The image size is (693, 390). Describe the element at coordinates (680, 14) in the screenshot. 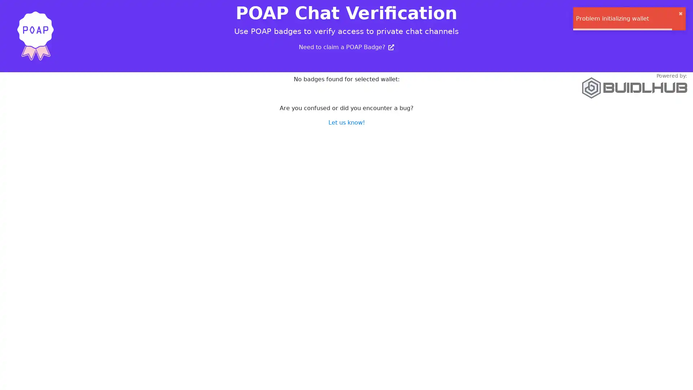

I see `close` at that location.